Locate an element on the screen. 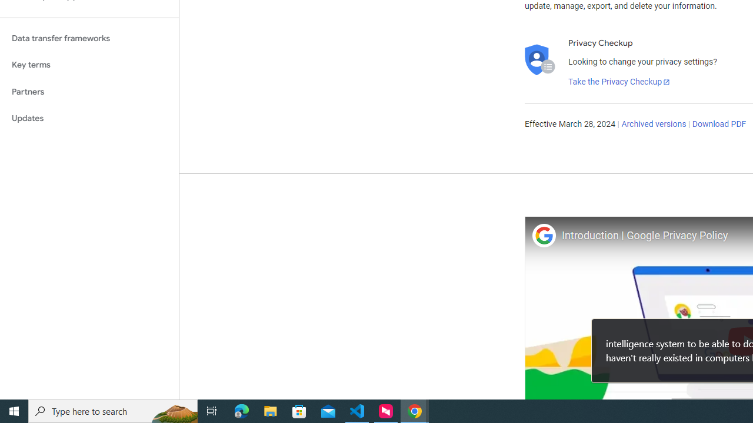  'Archived versions' is located at coordinates (653, 125).